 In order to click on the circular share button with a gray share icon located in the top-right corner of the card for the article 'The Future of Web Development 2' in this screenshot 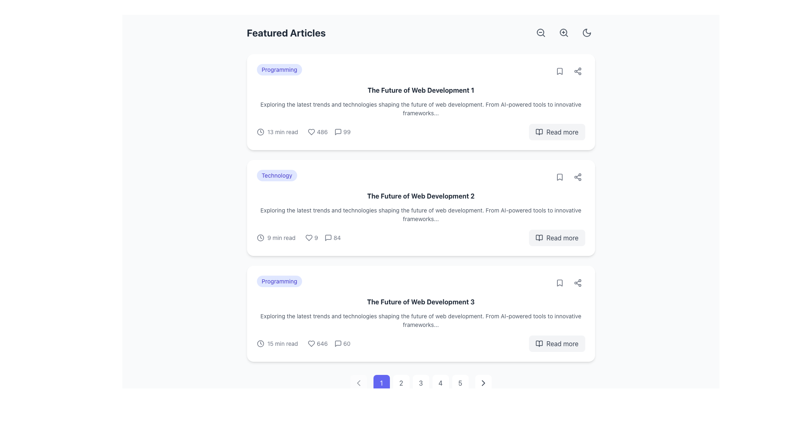, I will do `click(577, 177)`.